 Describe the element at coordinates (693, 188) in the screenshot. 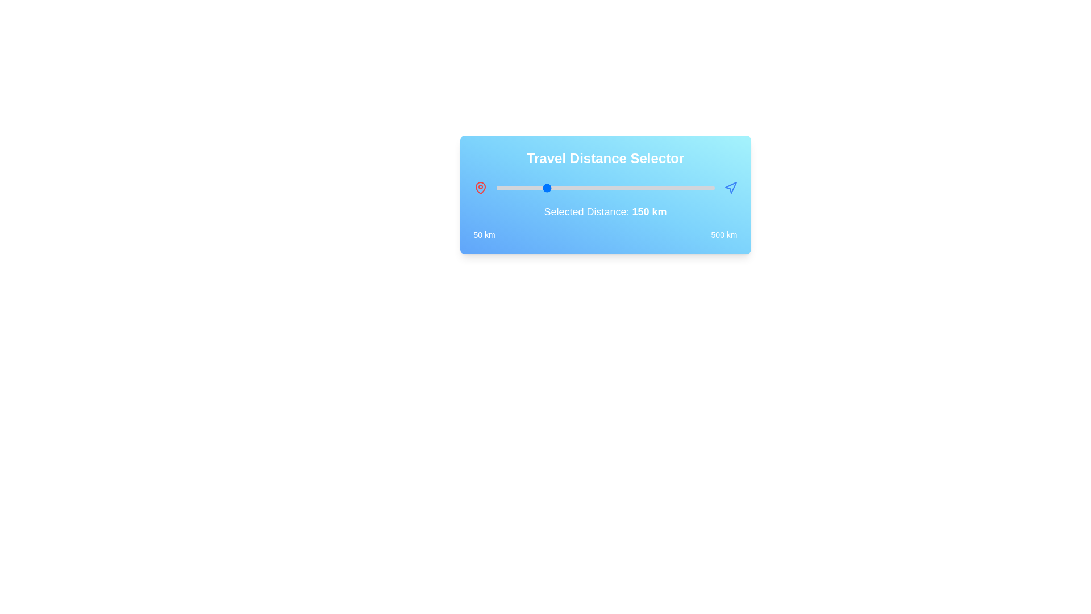

I see `the slider to set the distance to 458 km` at that location.